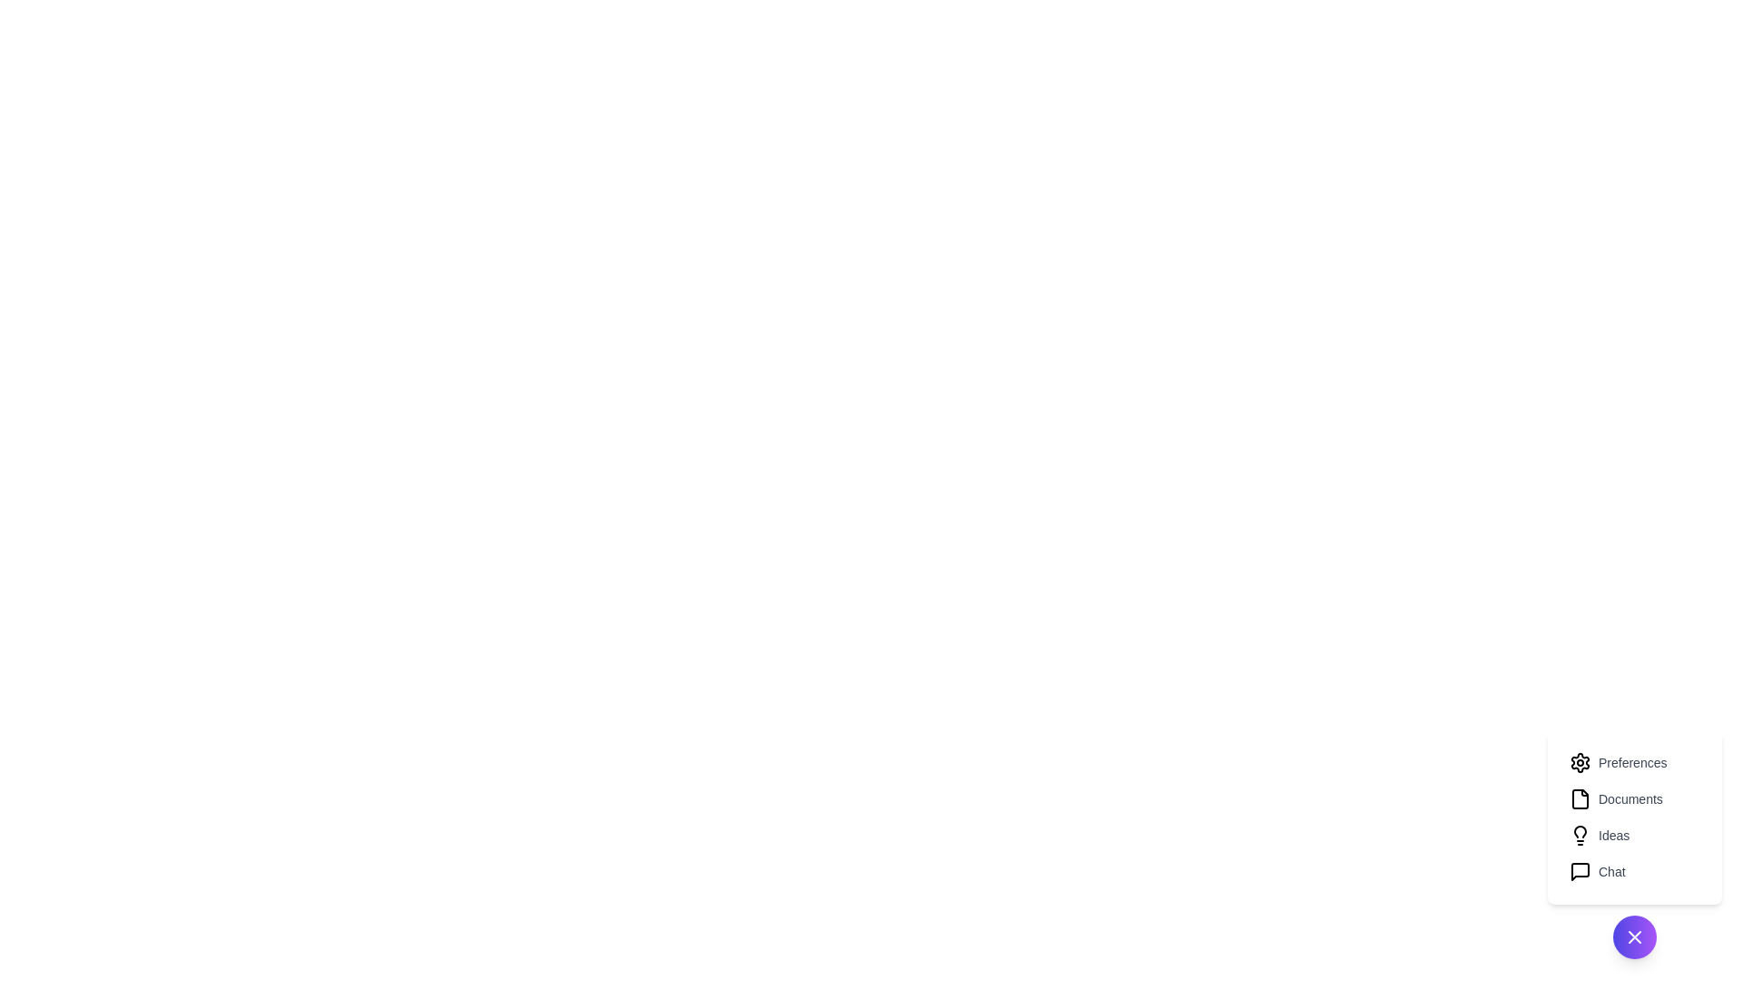  I want to click on floating action button to toggle the speed dial menu, so click(1635, 937).